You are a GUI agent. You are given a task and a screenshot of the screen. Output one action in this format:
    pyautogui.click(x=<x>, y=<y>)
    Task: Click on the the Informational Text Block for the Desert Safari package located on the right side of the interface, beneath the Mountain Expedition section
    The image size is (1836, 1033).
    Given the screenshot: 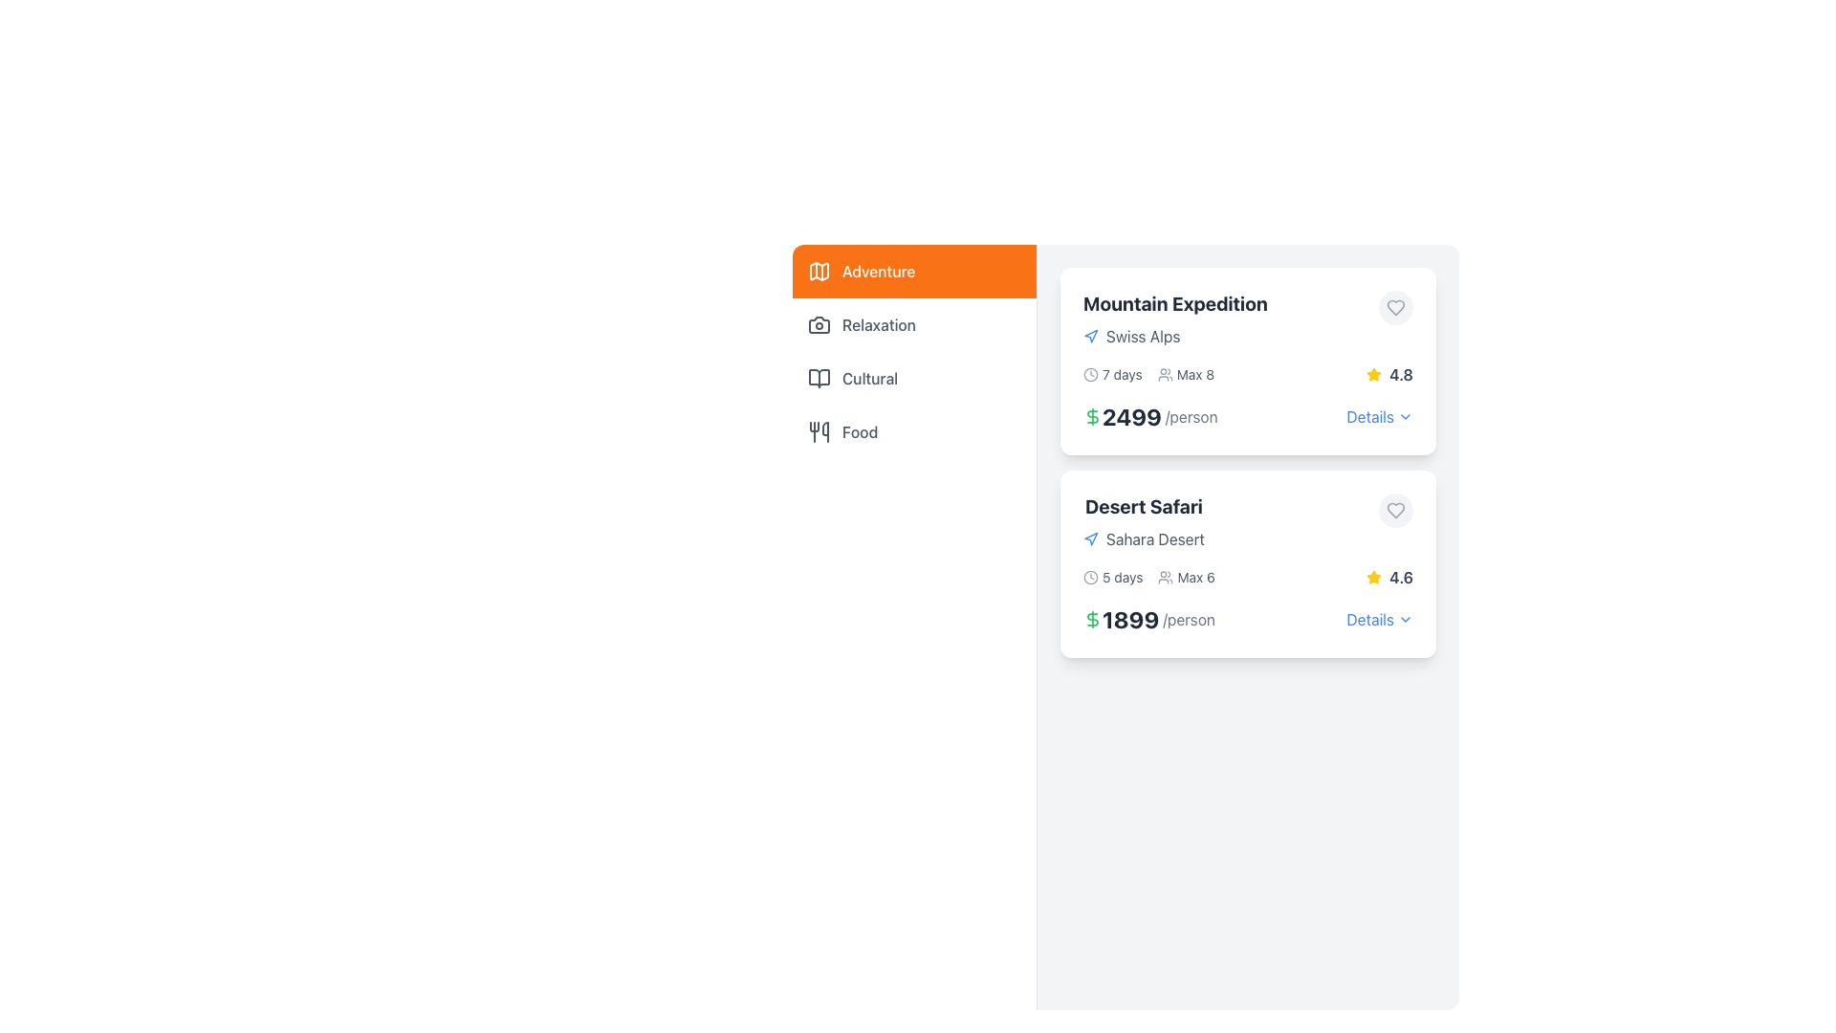 What is the action you would take?
    pyautogui.click(x=1144, y=522)
    